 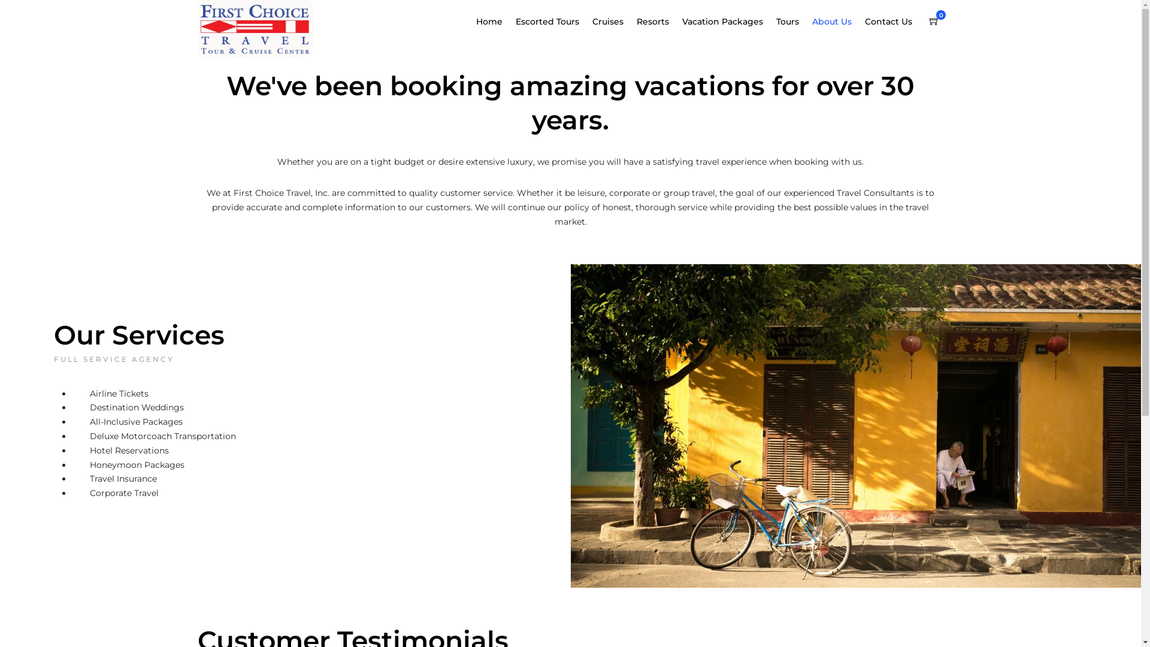 I want to click on 'About Us', so click(x=836, y=22).